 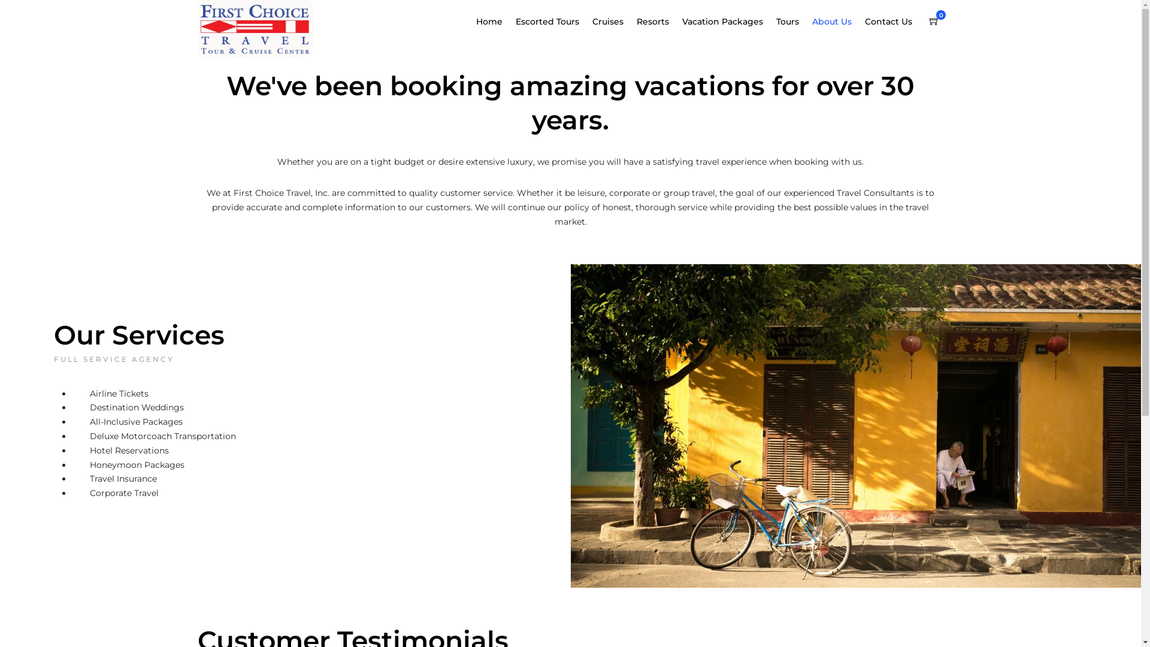 I want to click on 'About Us', so click(x=836, y=22).